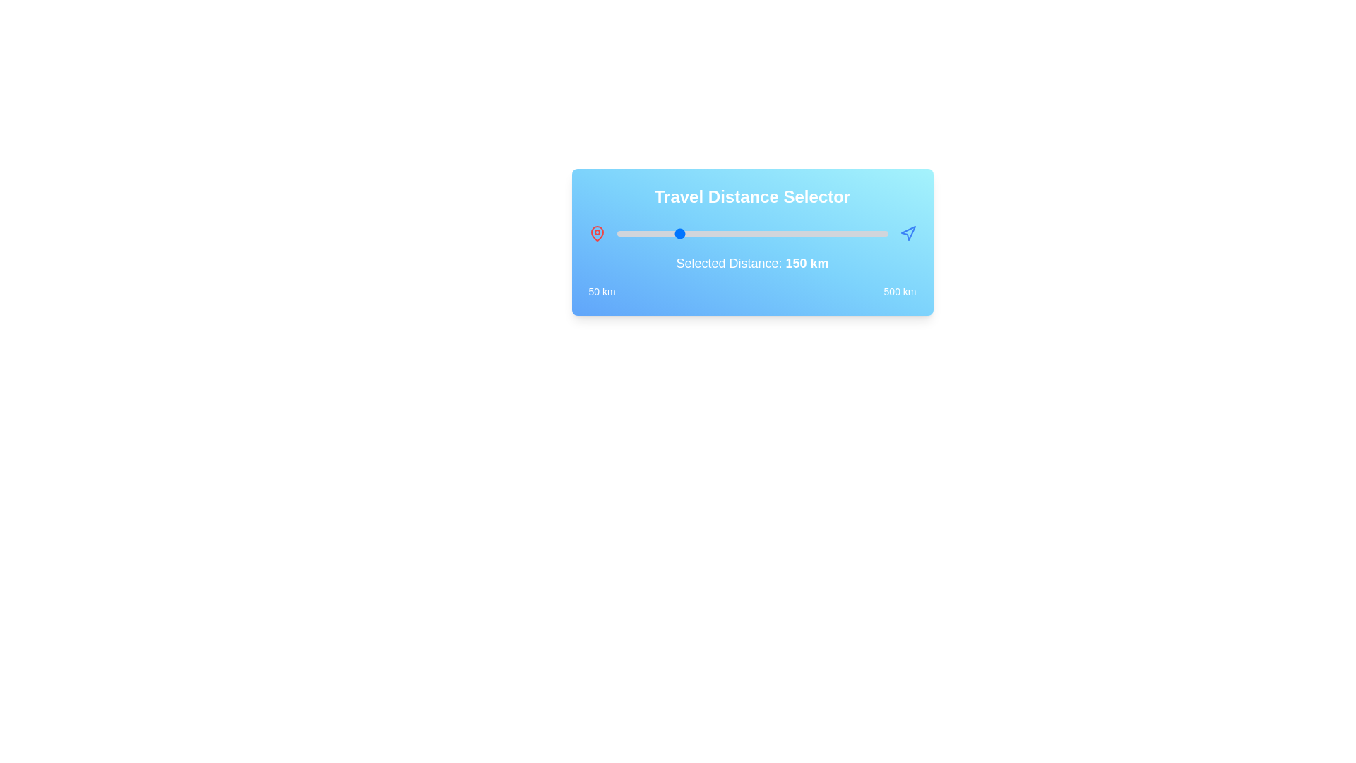 The image size is (1356, 763). I want to click on the travel distance to 89 km by interacting with the slider, so click(639, 233).